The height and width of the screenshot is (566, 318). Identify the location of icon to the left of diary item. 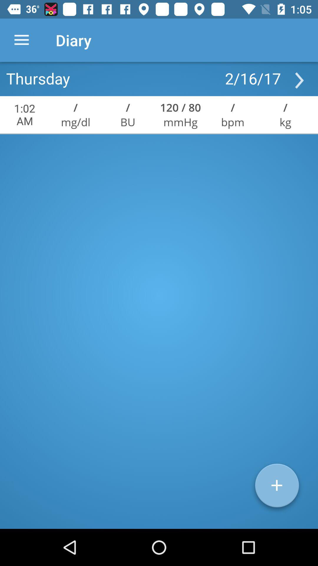
(21, 40).